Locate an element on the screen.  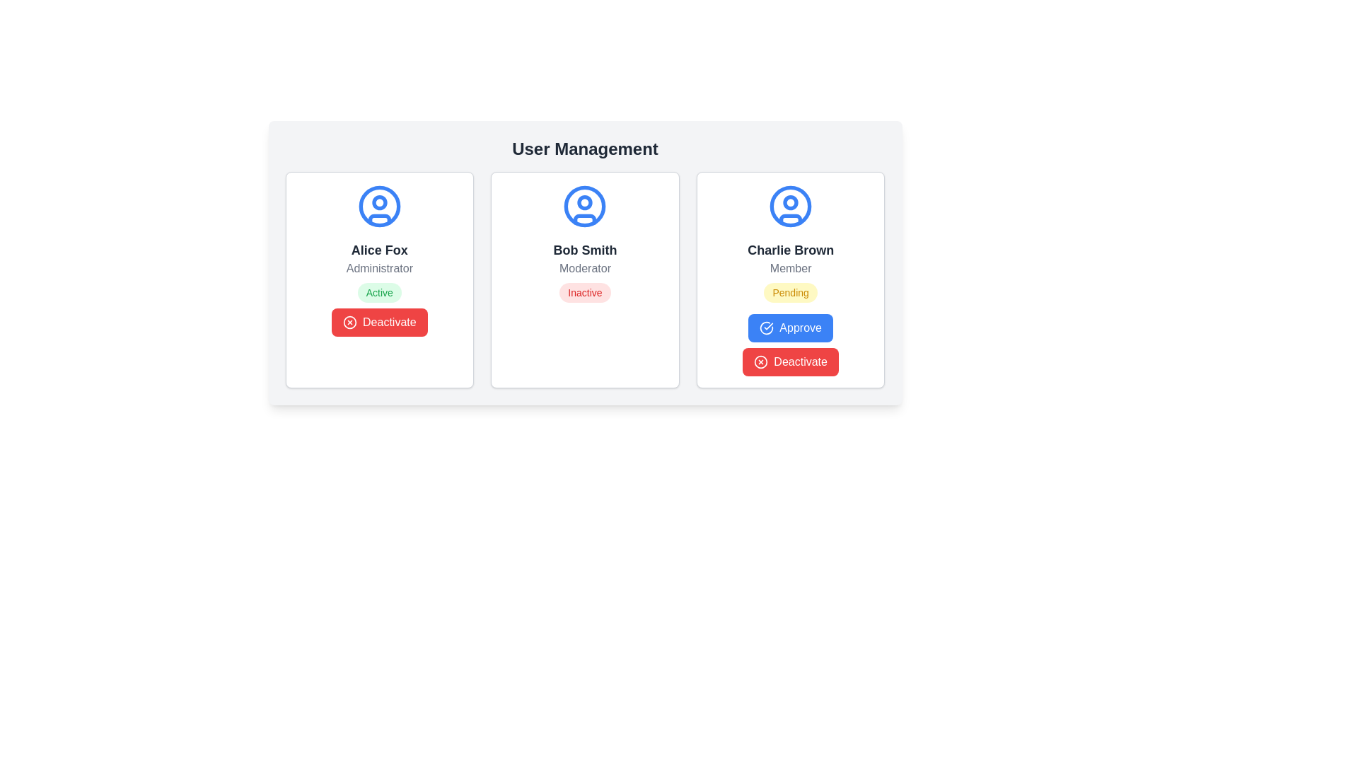
the circular user icon representing the user 'Charlie Brown', which is styled in blue and located above the name in the user card interface is located at coordinates (790, 207).